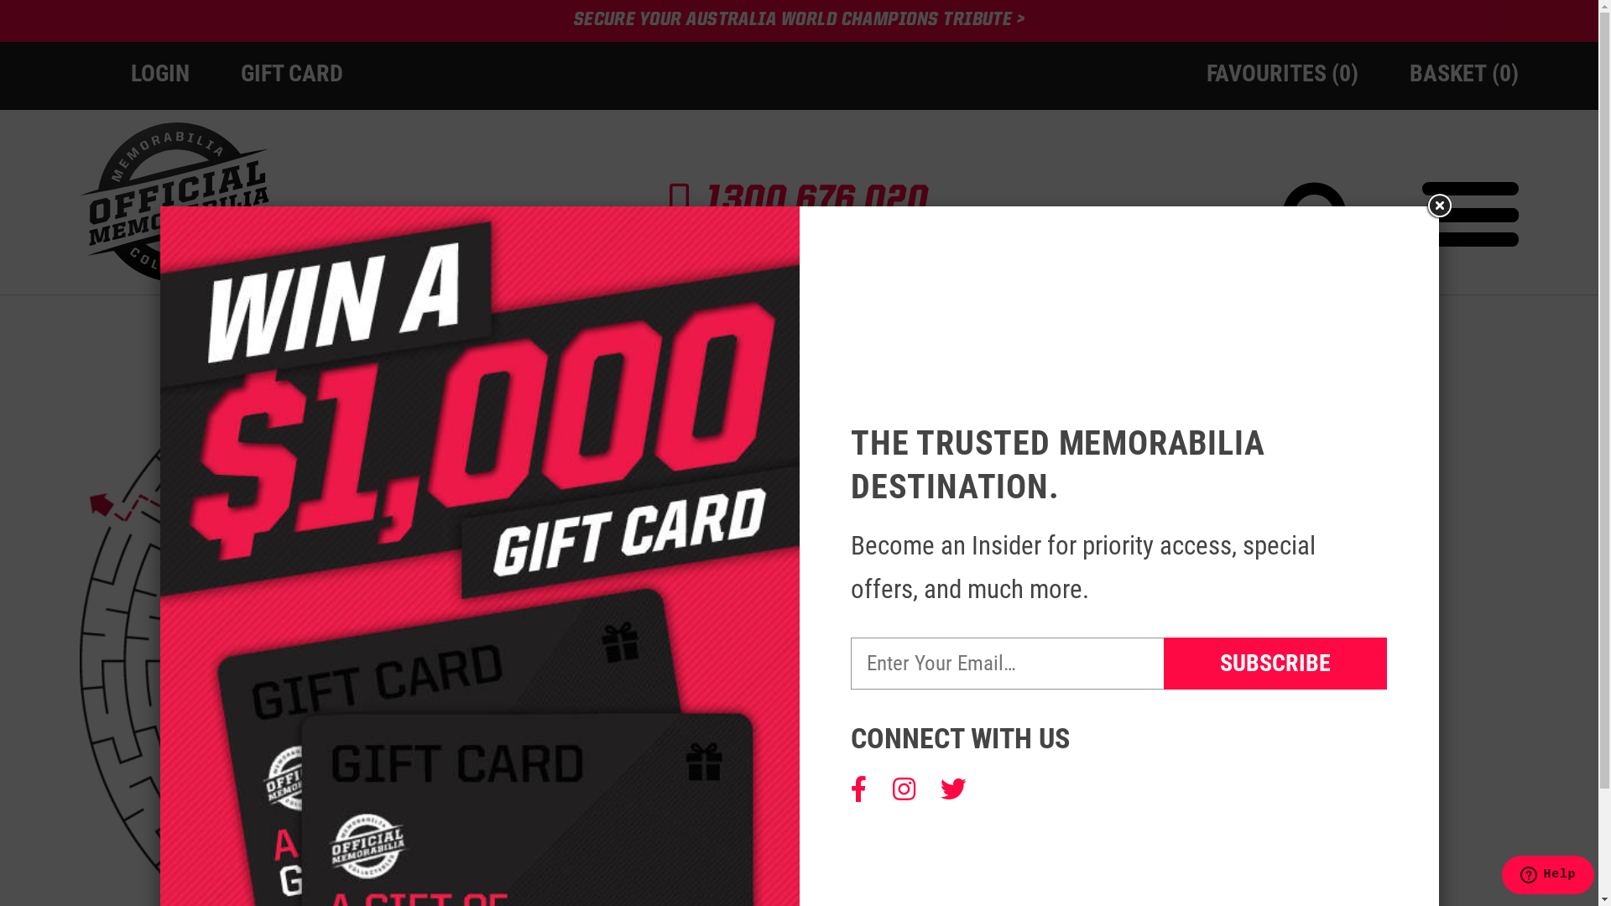  Describe the element at coordinates (1463, 72) in the screenshot. I see `'BASKET 0'` at that location.